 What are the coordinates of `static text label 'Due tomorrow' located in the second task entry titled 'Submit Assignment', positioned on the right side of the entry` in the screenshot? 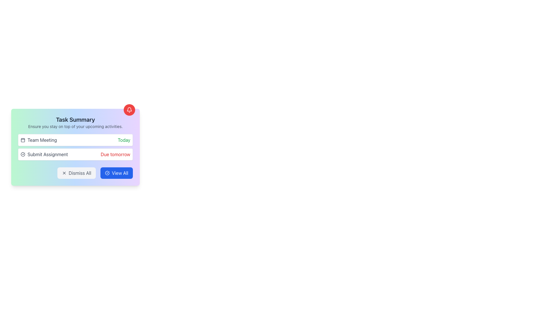 It's located at (115, 154).